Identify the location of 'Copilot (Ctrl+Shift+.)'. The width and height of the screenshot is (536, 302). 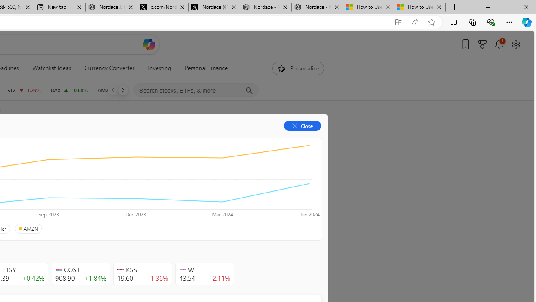
(526, 21).